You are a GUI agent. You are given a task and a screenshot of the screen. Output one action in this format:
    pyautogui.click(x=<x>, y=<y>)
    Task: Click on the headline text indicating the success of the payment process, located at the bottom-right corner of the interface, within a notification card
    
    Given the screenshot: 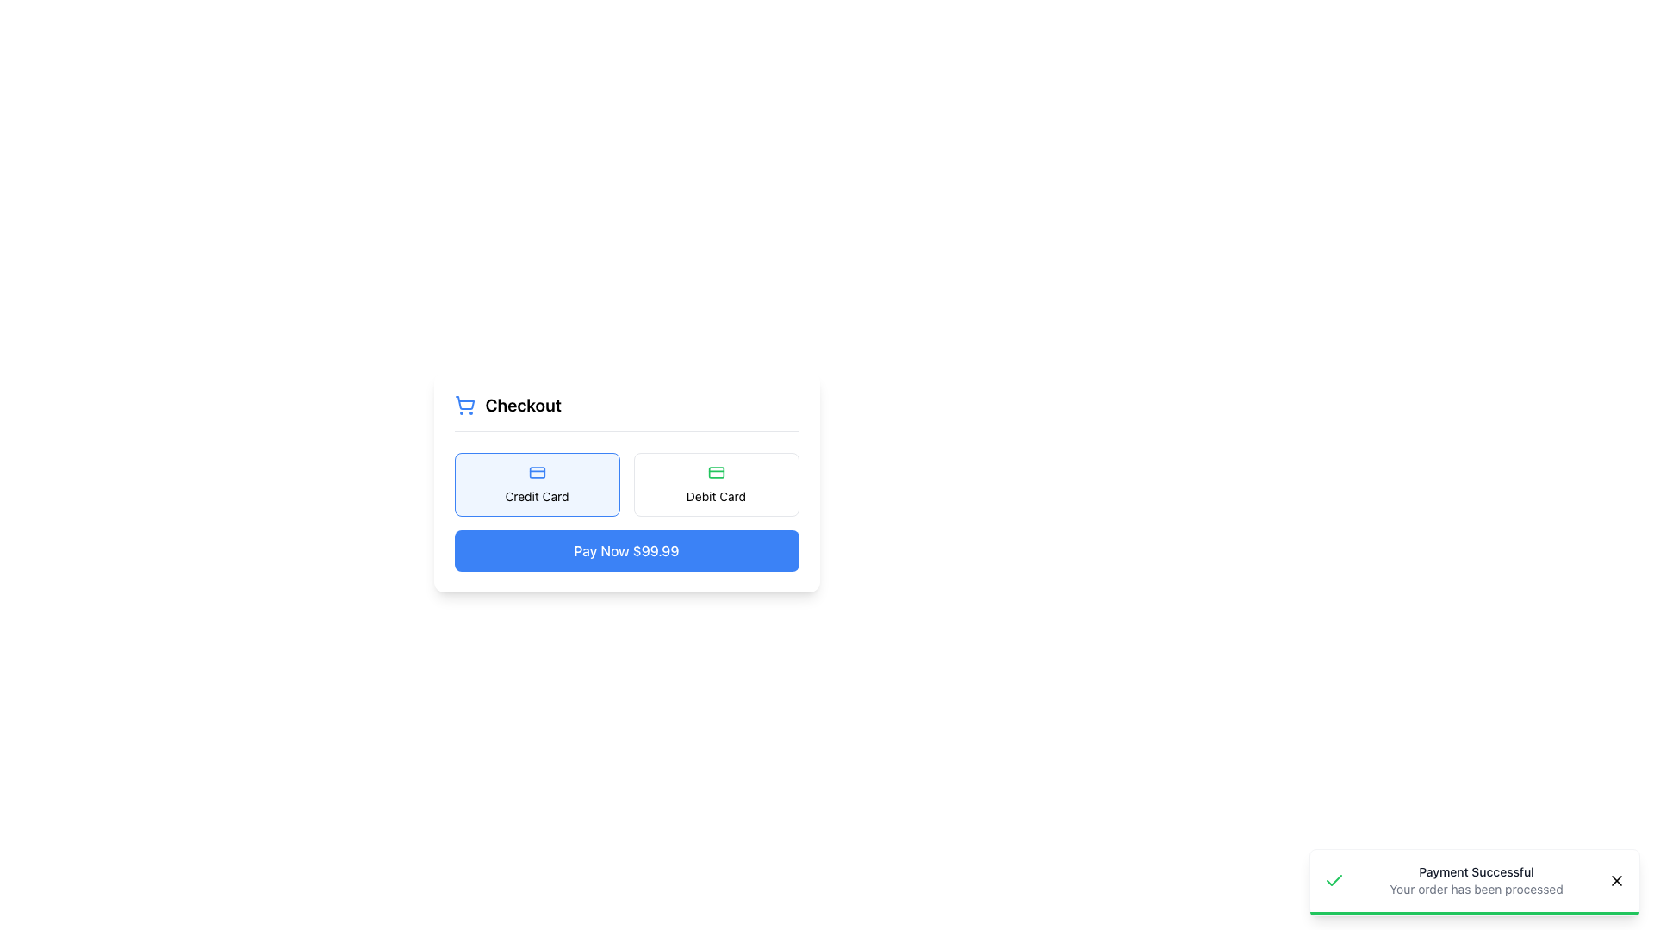 What is the action you would take?
    pyautogui.click(x=1475, y=872)
    